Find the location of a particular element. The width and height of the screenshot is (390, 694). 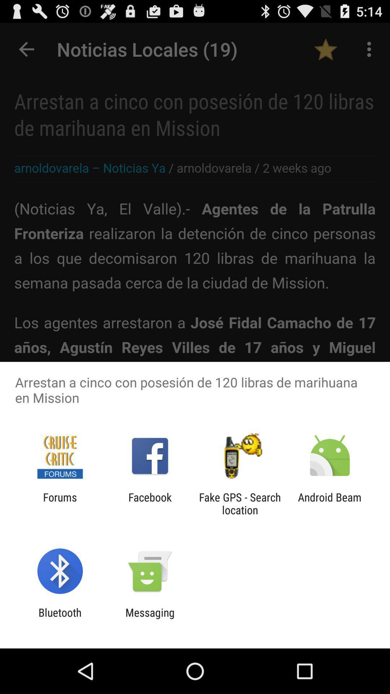

item to the left of fake gps search icon is located at coordinates (149, 503).